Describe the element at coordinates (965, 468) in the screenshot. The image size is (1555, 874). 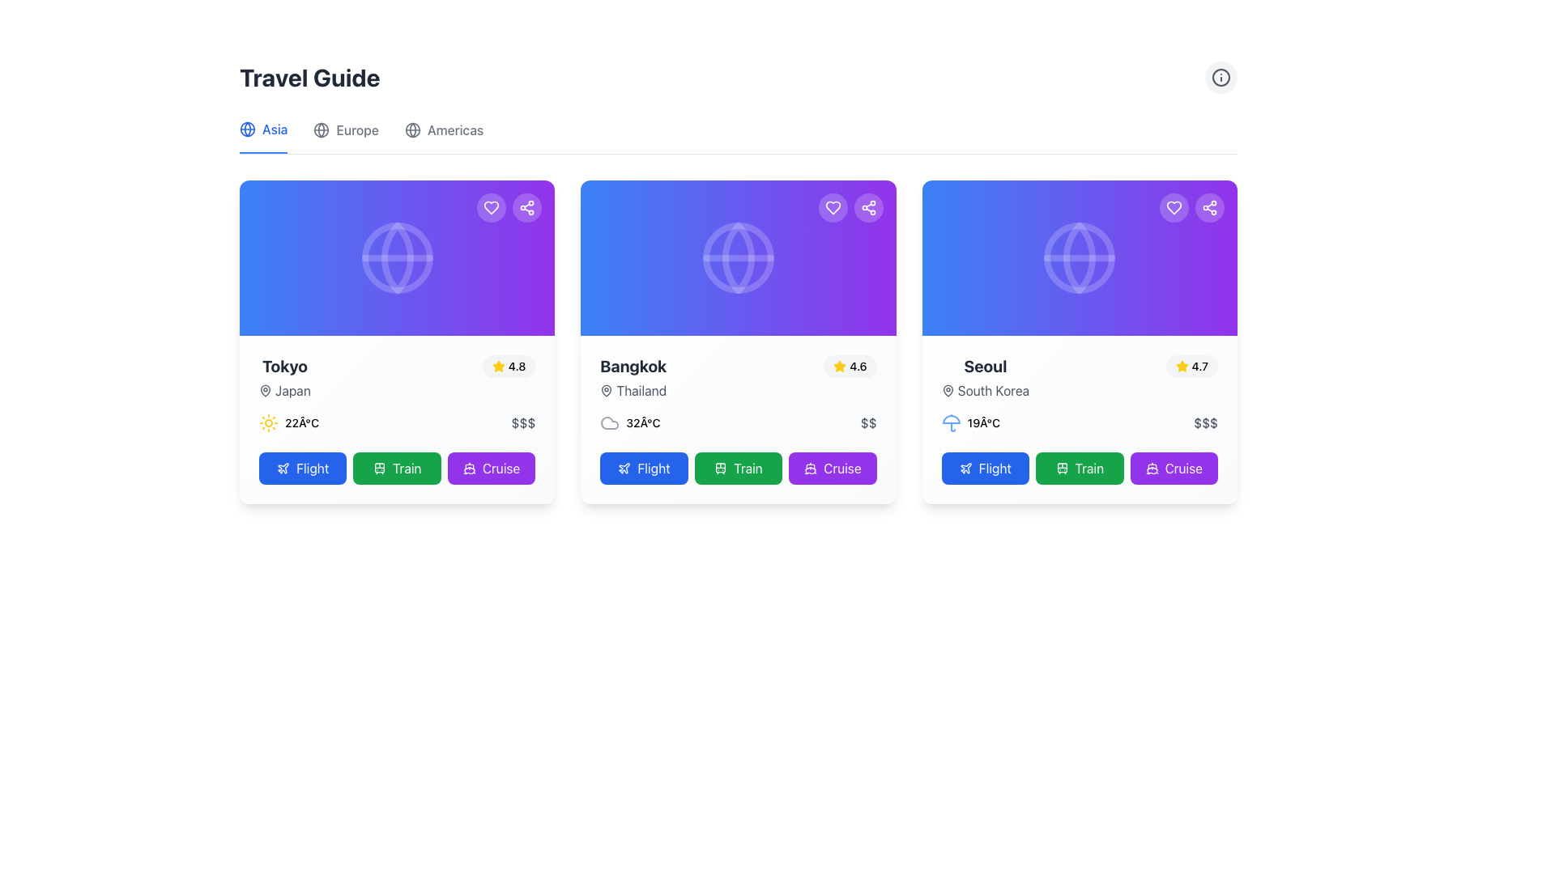
I see `the flight-related Vector graphic icon located at the bottom of the travel options card` at that location.